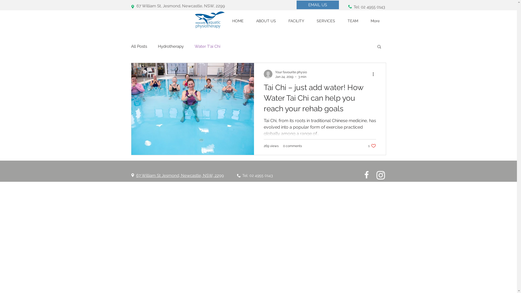 The width and height of the screenshot is (521, 293). What do you see at coordinates (194, 46) in the screenshot?
I see `'Water T'ai Chi'` at bounding box center [194, 46].